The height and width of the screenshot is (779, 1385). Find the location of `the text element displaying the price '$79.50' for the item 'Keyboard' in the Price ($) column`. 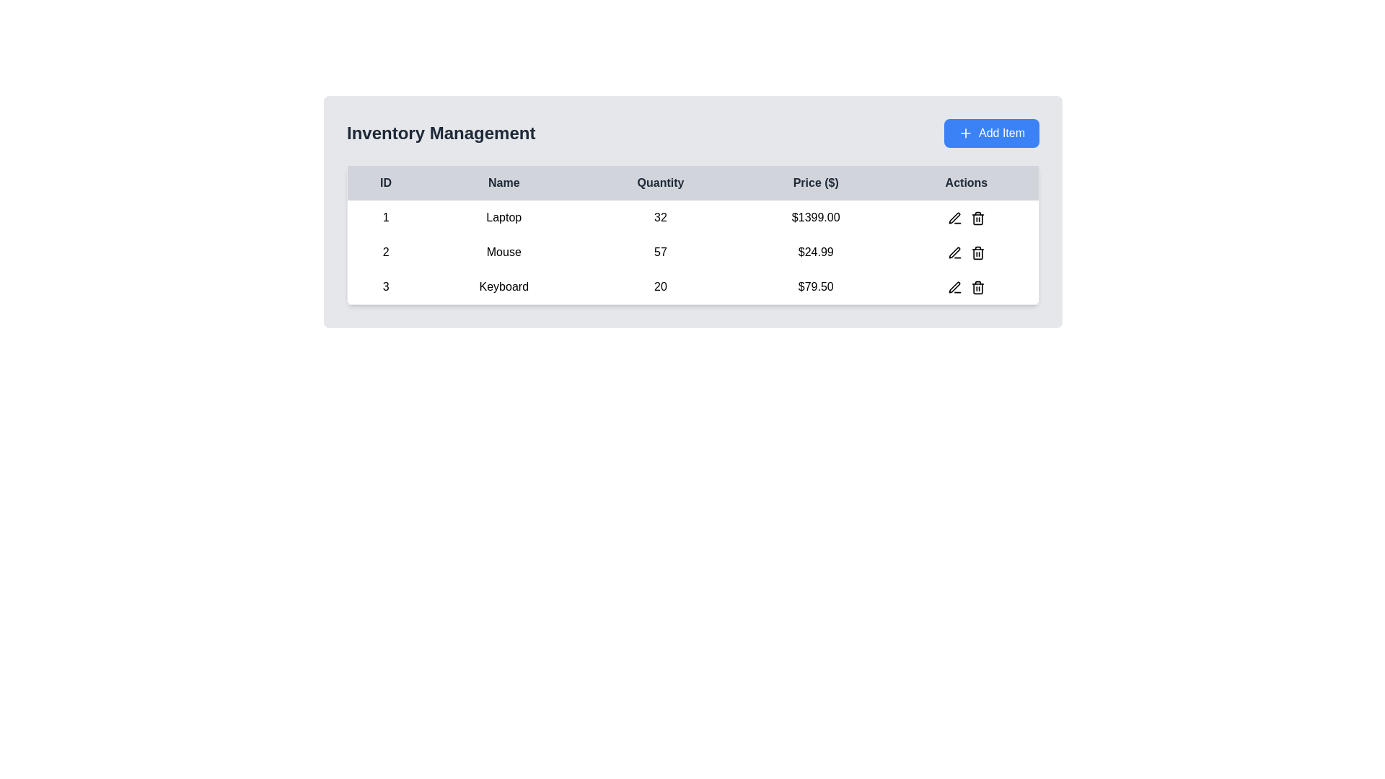

the text element displaying the price '$79.50' for the item 'Keyboard' in the Price ($) column is located at coordinates (816, 287).